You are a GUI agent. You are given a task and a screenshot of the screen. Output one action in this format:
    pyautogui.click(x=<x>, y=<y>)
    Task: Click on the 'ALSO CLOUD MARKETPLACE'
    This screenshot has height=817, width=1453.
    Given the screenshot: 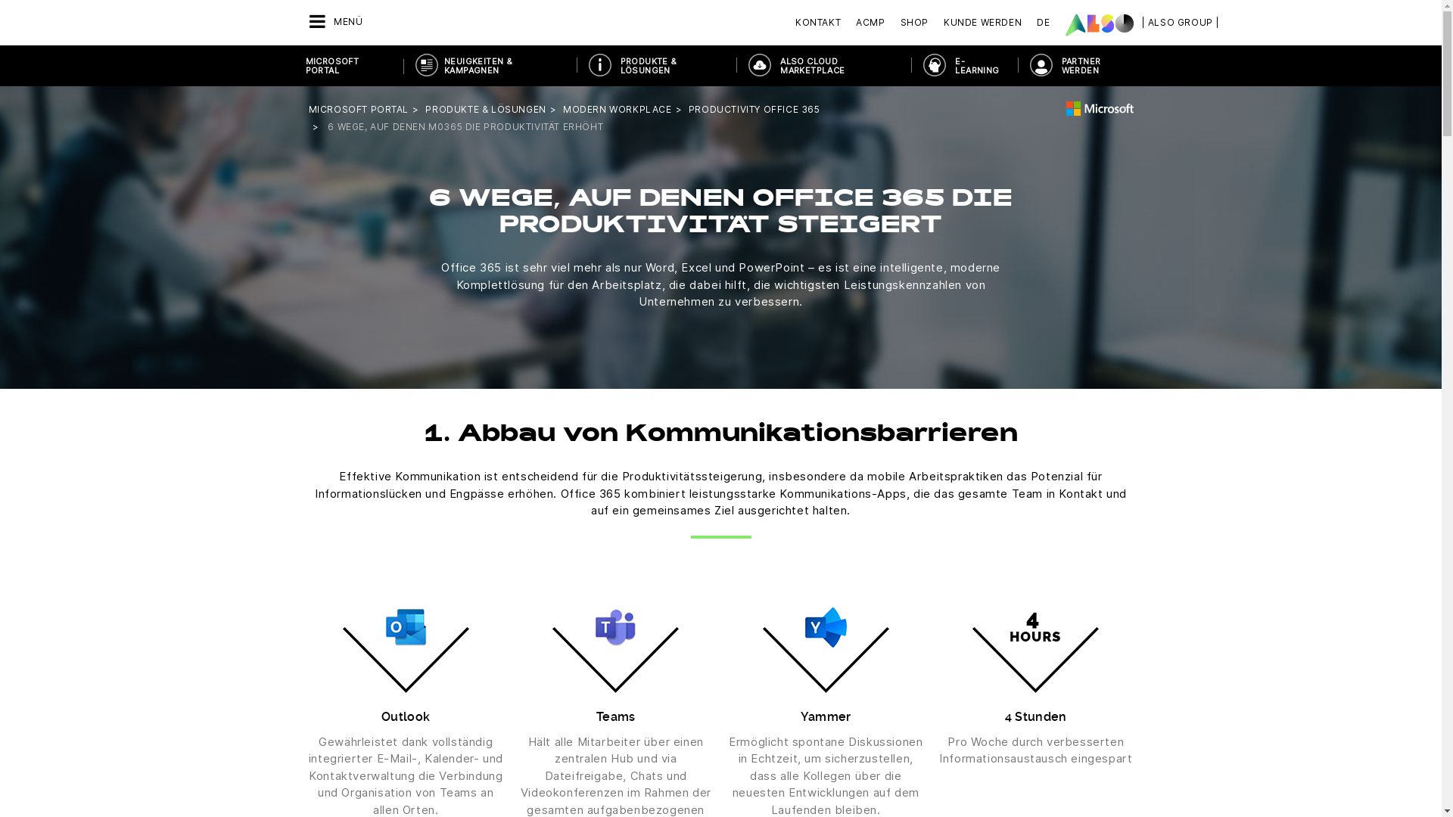 What is the action you would take?
    pyautogui.click(x=736, y=65)
    